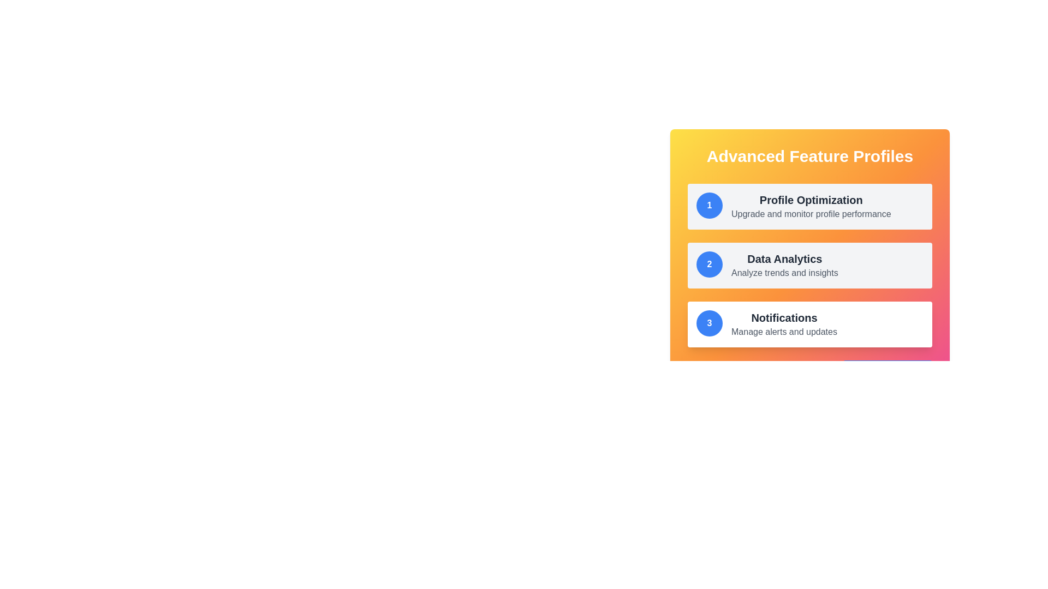 This screenshot has height=589, width=1048. I want to click on the title text for the feature 'Profile Optimization', so click(811, 200).